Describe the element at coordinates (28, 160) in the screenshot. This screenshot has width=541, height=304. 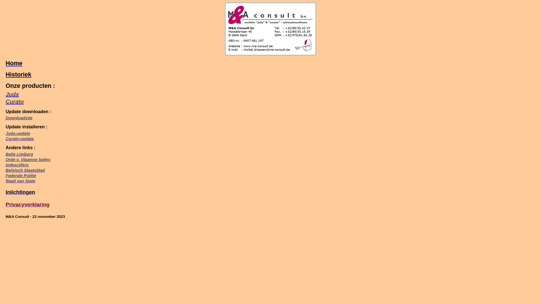
I see `'Orde v. Vlaamse balies'` at that location.